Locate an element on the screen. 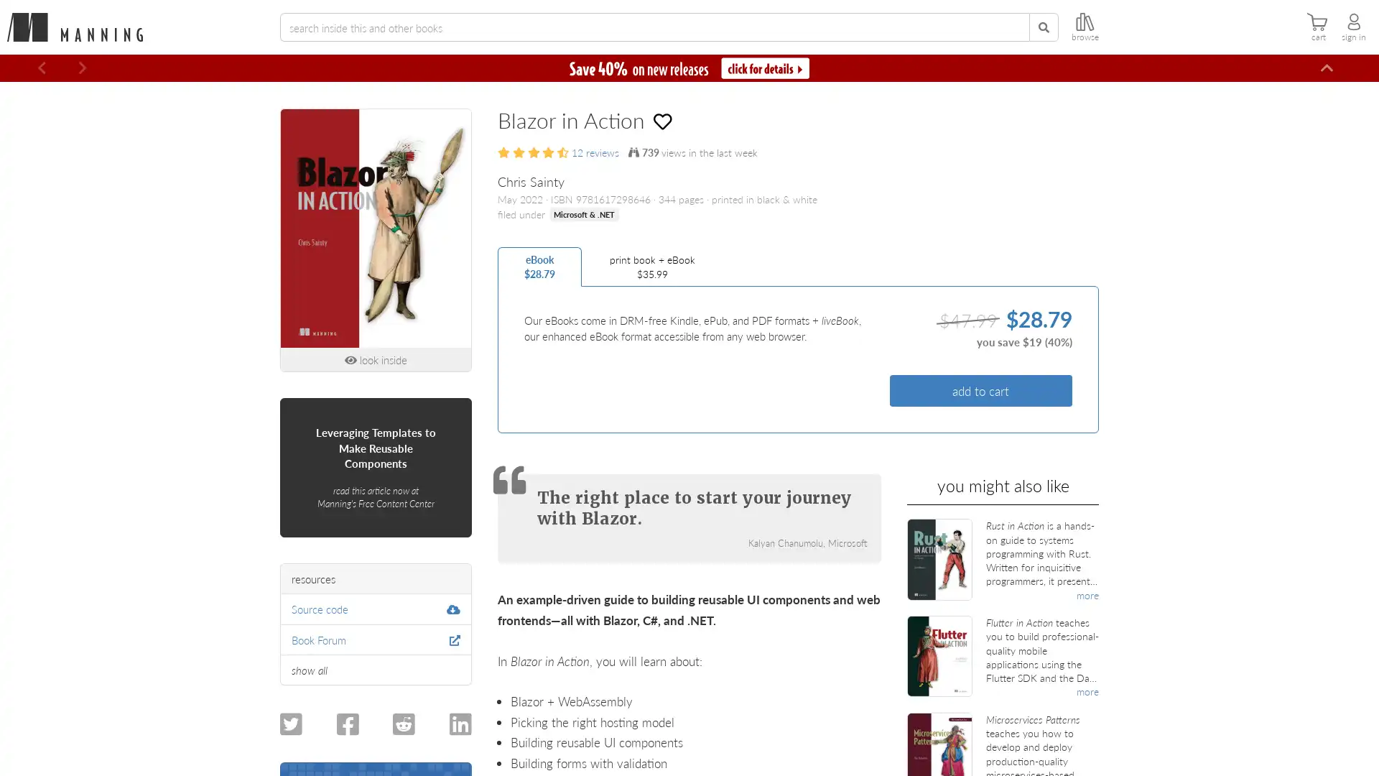 The width and height of the screenshot is (1379, 776). Next is located at coordinates (82, 68).